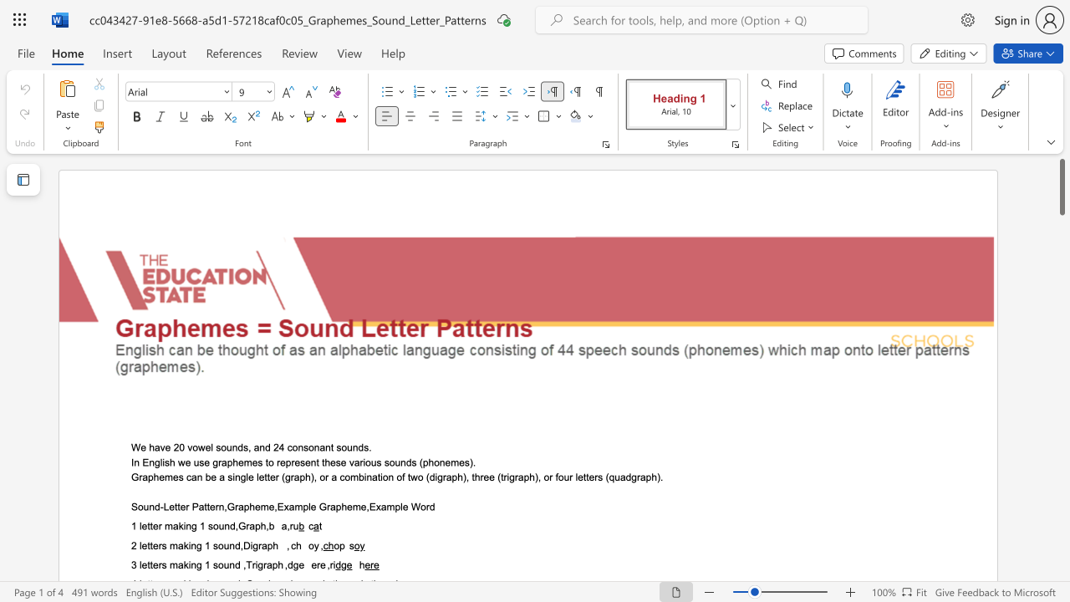  Describe the element at coordinates (1061, 460) in the screenshot. I see `the scrollbar to scroll the page down` at that location.